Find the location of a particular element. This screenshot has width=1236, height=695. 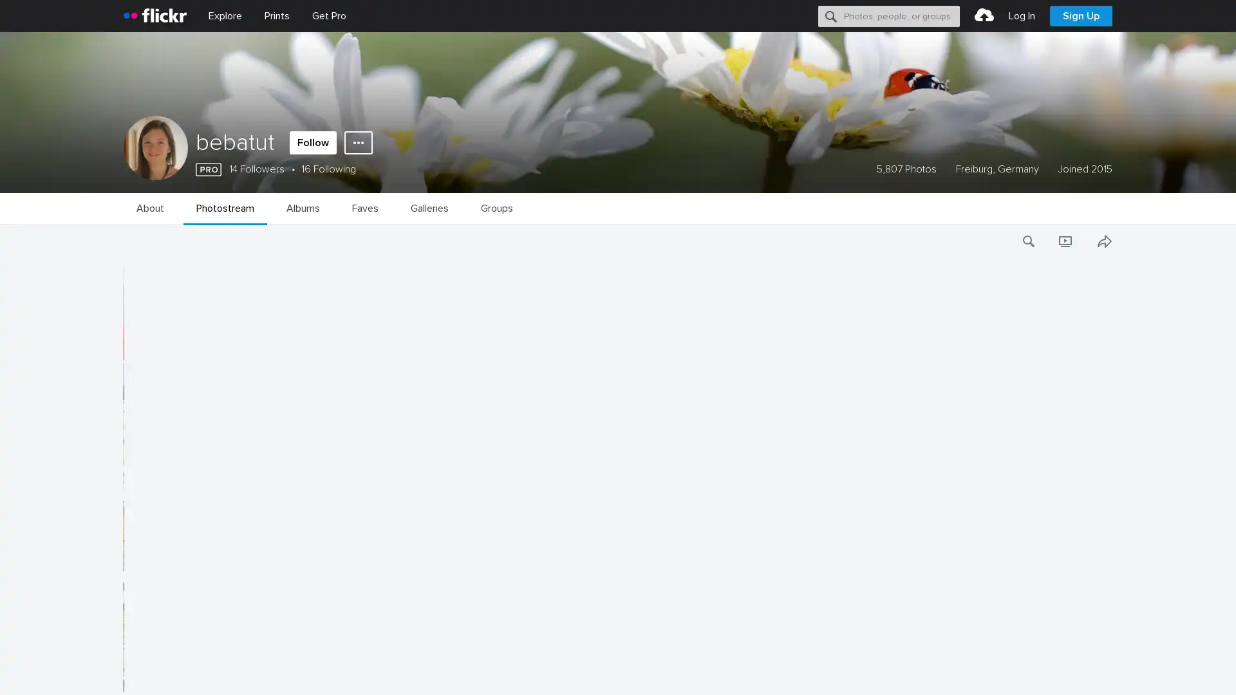

Accept is located at coordinates (982, 670).